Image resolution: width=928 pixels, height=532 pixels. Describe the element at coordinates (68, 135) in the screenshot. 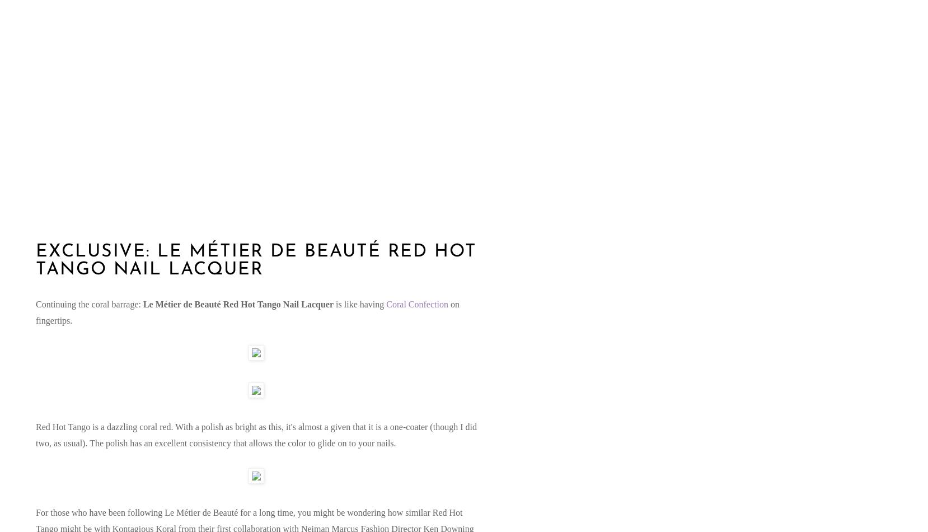

I see `'Advertise/PR'` at that location.